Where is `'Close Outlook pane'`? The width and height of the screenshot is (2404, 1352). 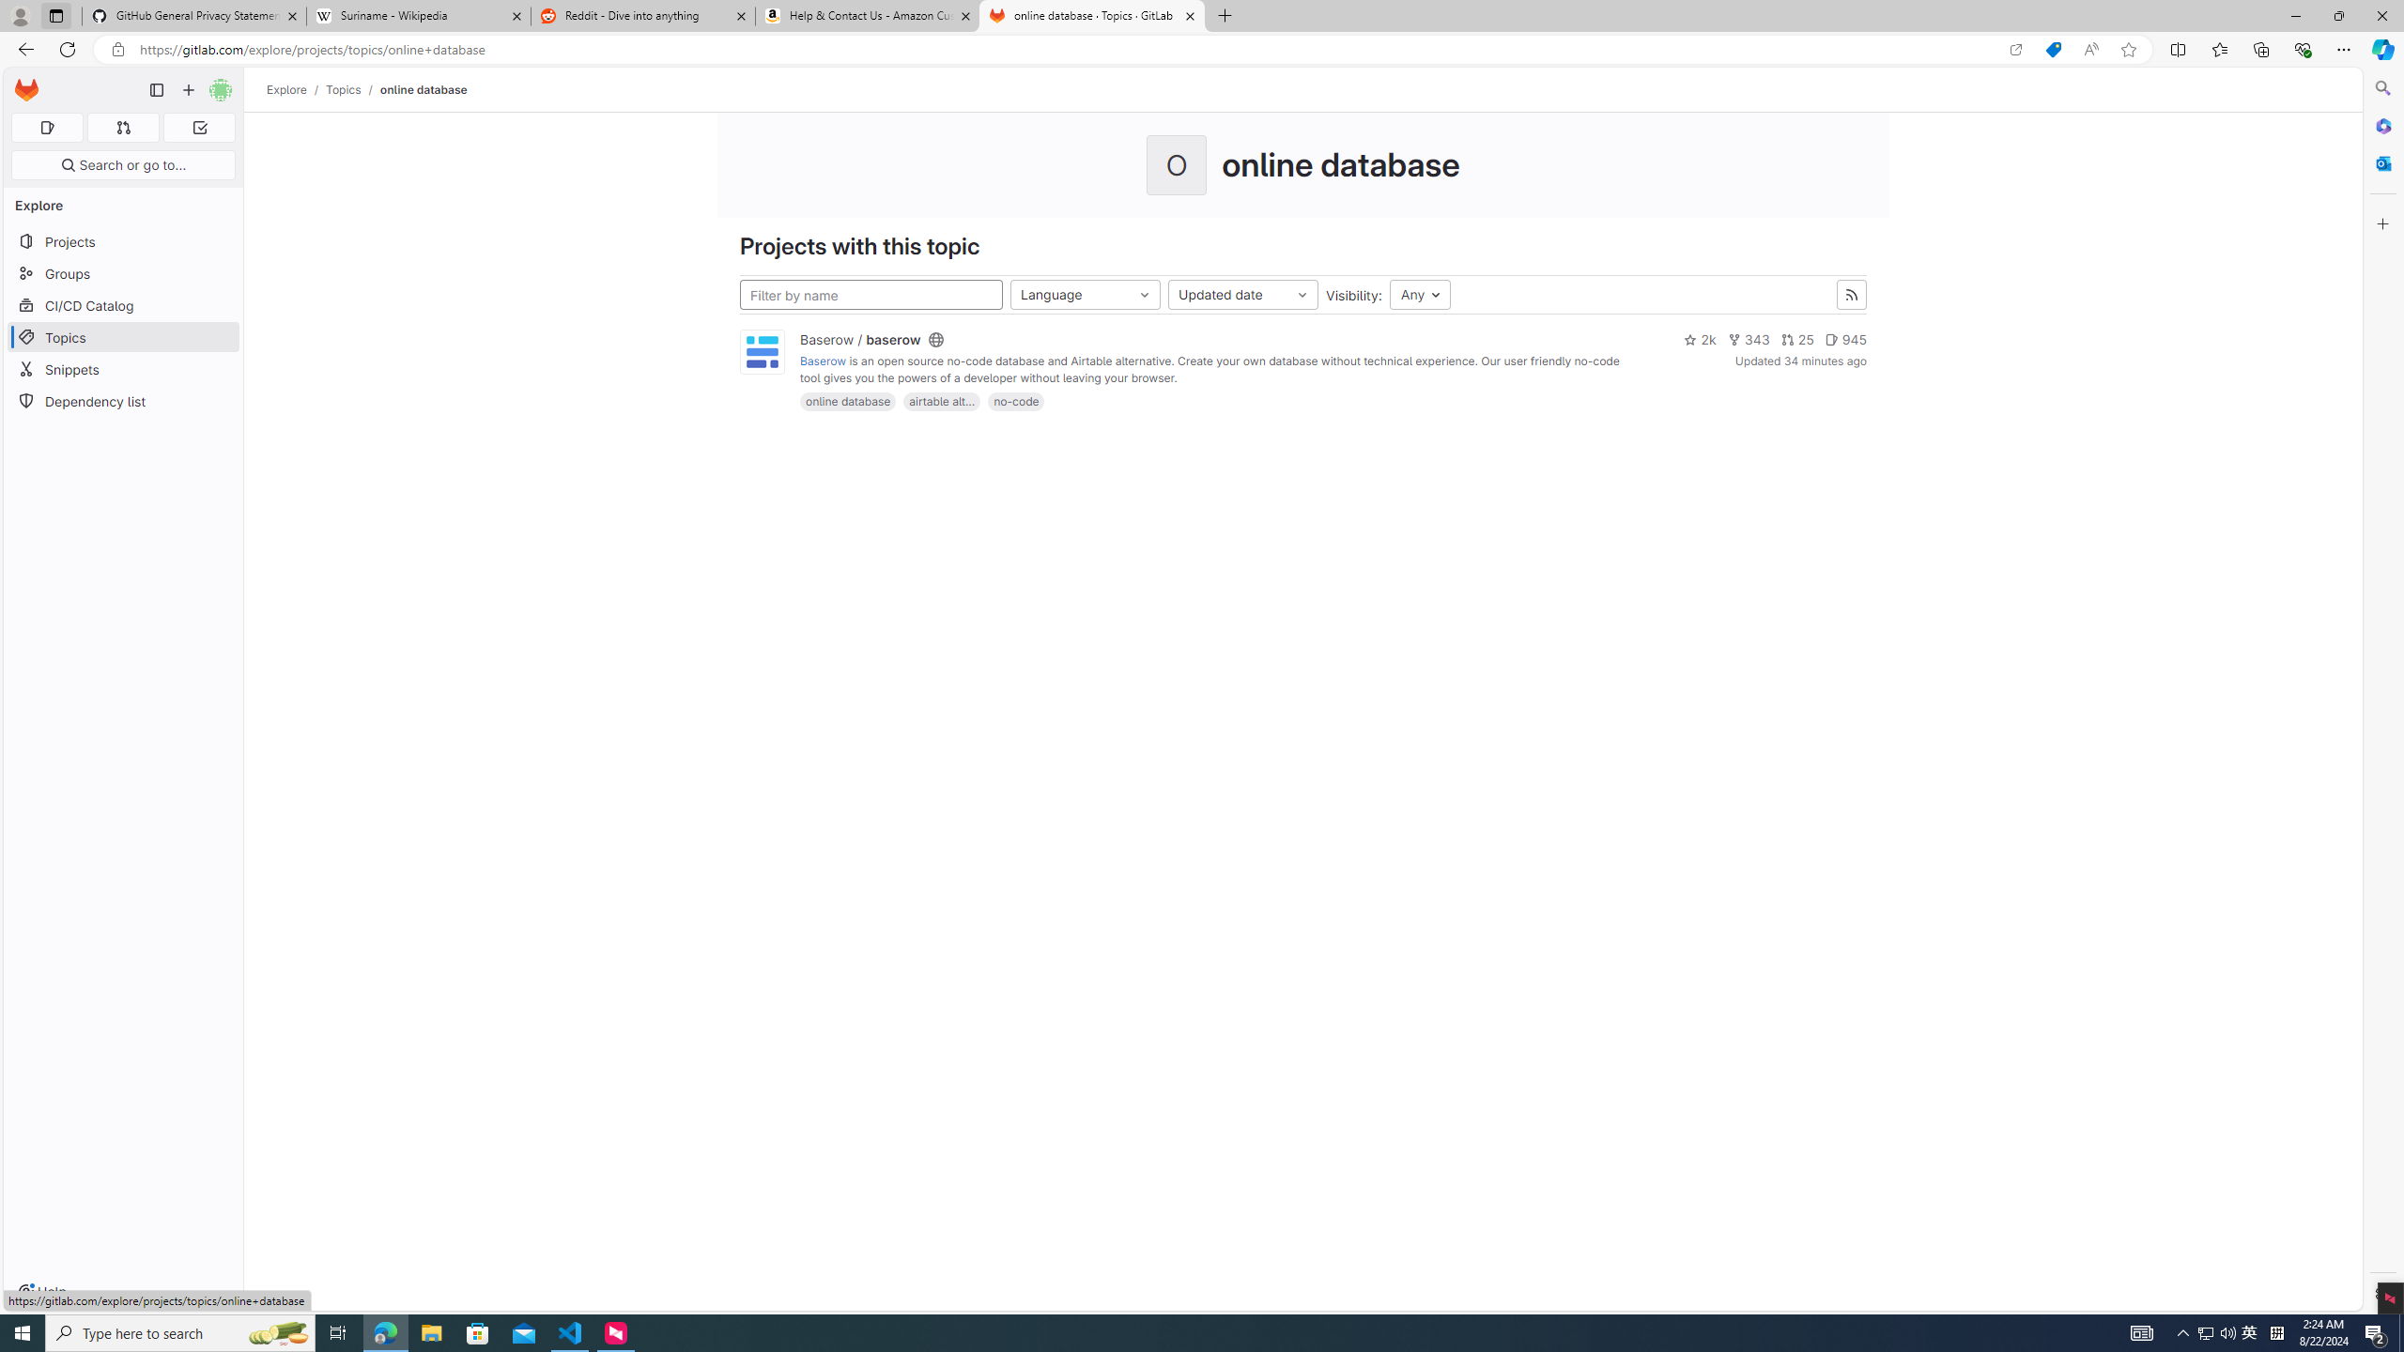 'Close Outlook pane' is located at coordinates (2381, 161).